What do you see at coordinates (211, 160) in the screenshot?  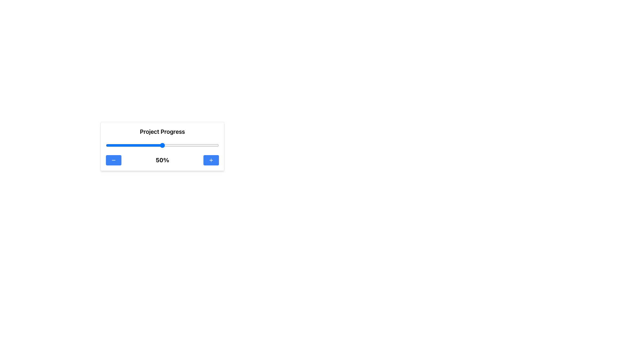 I see `the blue button with a plus icon, located beside the '50%' text, to potentially reveal additional information` at bounding box center [211, 160].